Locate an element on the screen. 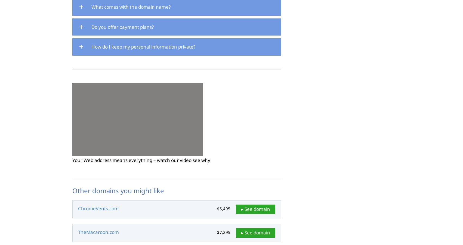 The height and width of the screenshot is (245, 463). 'What comes with the domain name?' is located at coordinates (91, 6).